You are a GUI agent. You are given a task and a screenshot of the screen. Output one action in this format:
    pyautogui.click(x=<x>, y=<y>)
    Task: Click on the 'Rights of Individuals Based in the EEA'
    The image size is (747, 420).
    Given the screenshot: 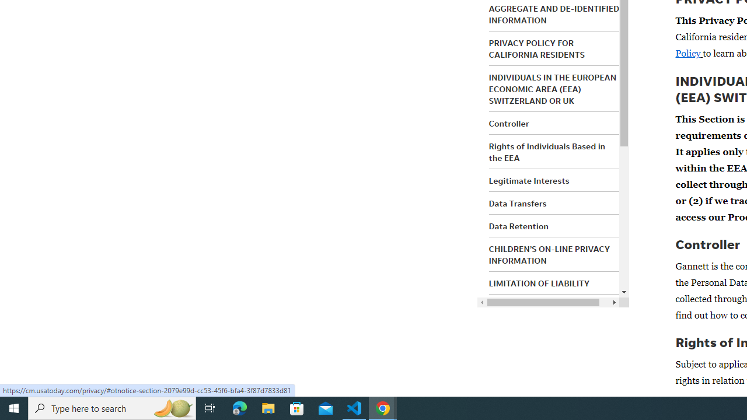 What is the action you would take?
    pyautogui.click(x=546, y=152)
    